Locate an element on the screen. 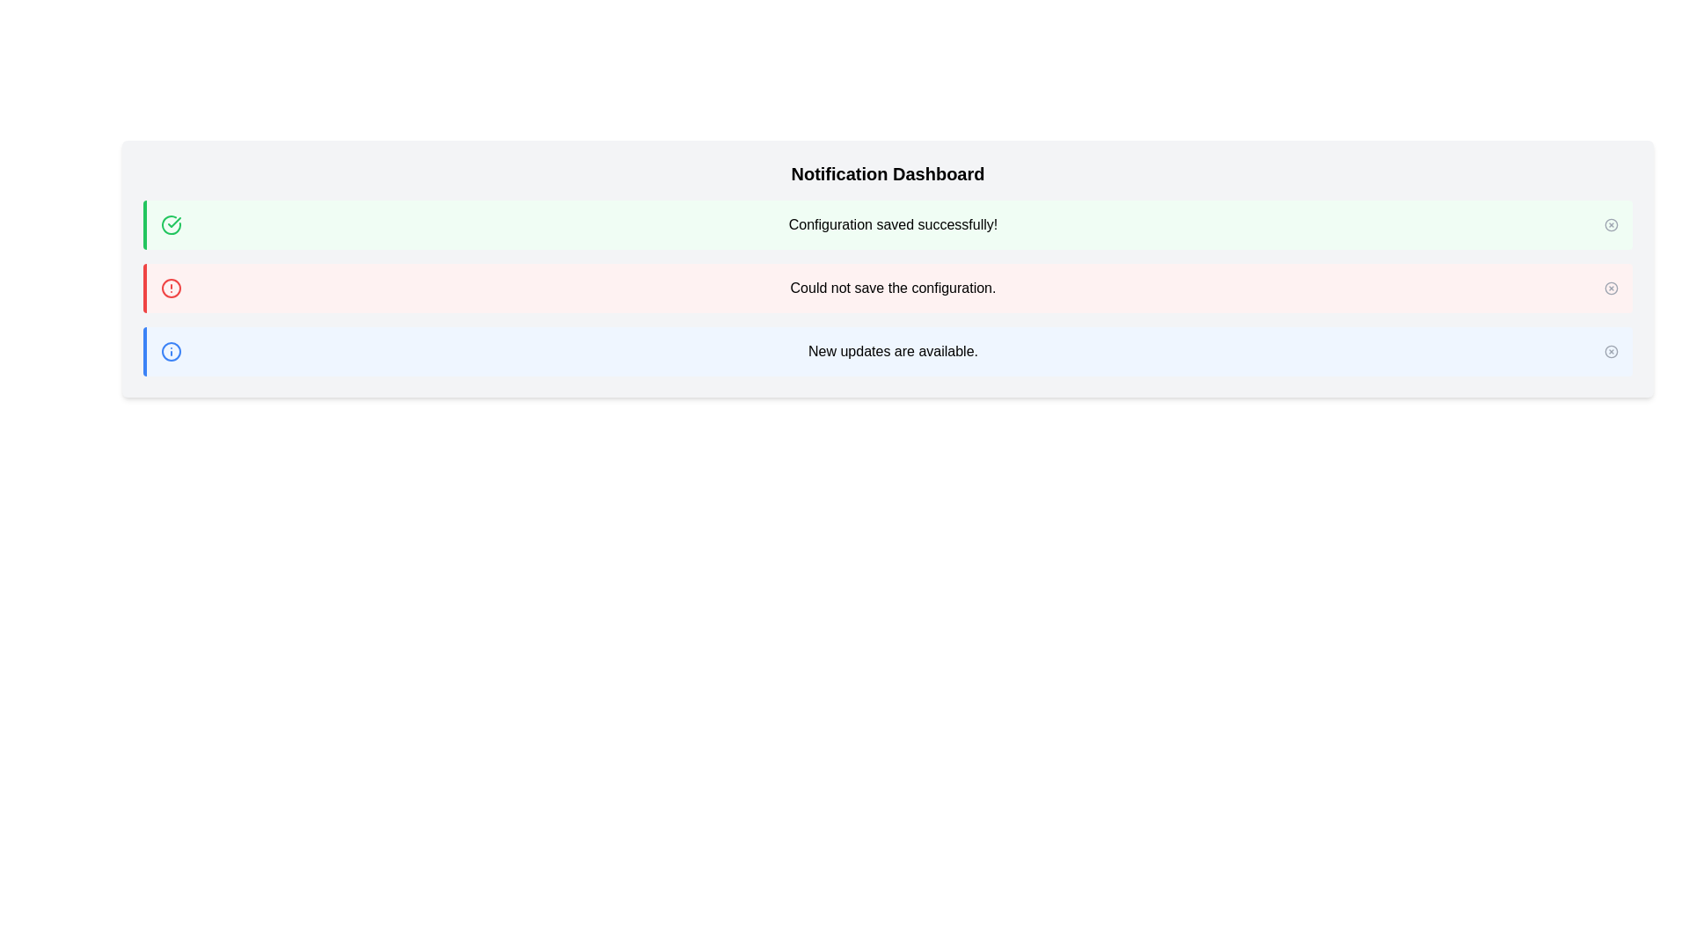 The image size is (1689, 950). text from the notification area indicating that the configuration has been successfully saved is located at coordinates (893, 223).